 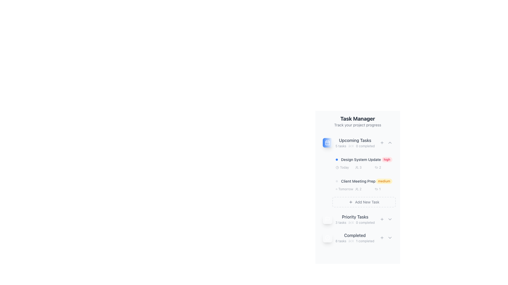 What do you see at coordinates (358, 119) in the screenshot?
I see `the static text label 'Task Manager' which is prominently displayed in bold, extra-large dark gray font at the top of the sidebar section` at bounding box center [358, 119].